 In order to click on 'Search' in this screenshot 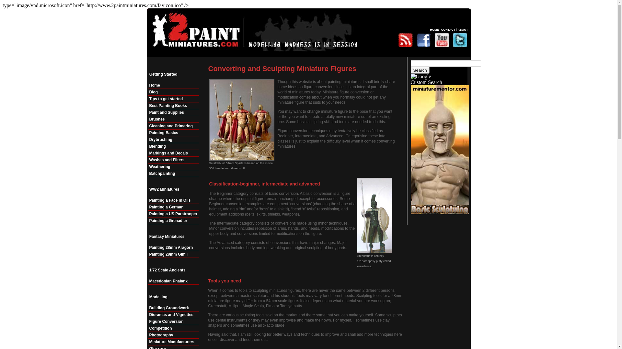, I will do `click(420, 70)`.